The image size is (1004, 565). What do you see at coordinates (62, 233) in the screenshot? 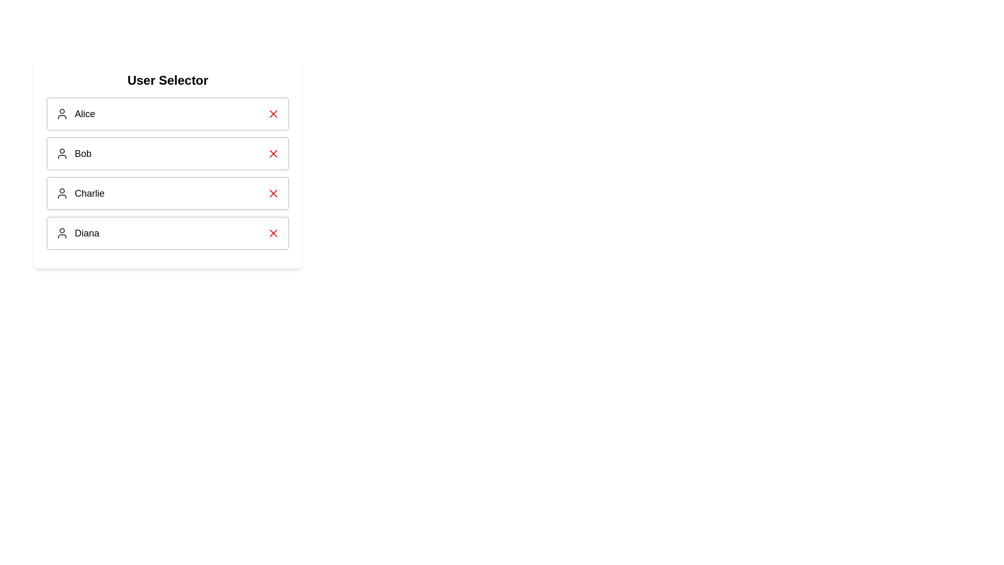
I see `the user Diana by clicking on their icon` at bounding box center [62, 233].